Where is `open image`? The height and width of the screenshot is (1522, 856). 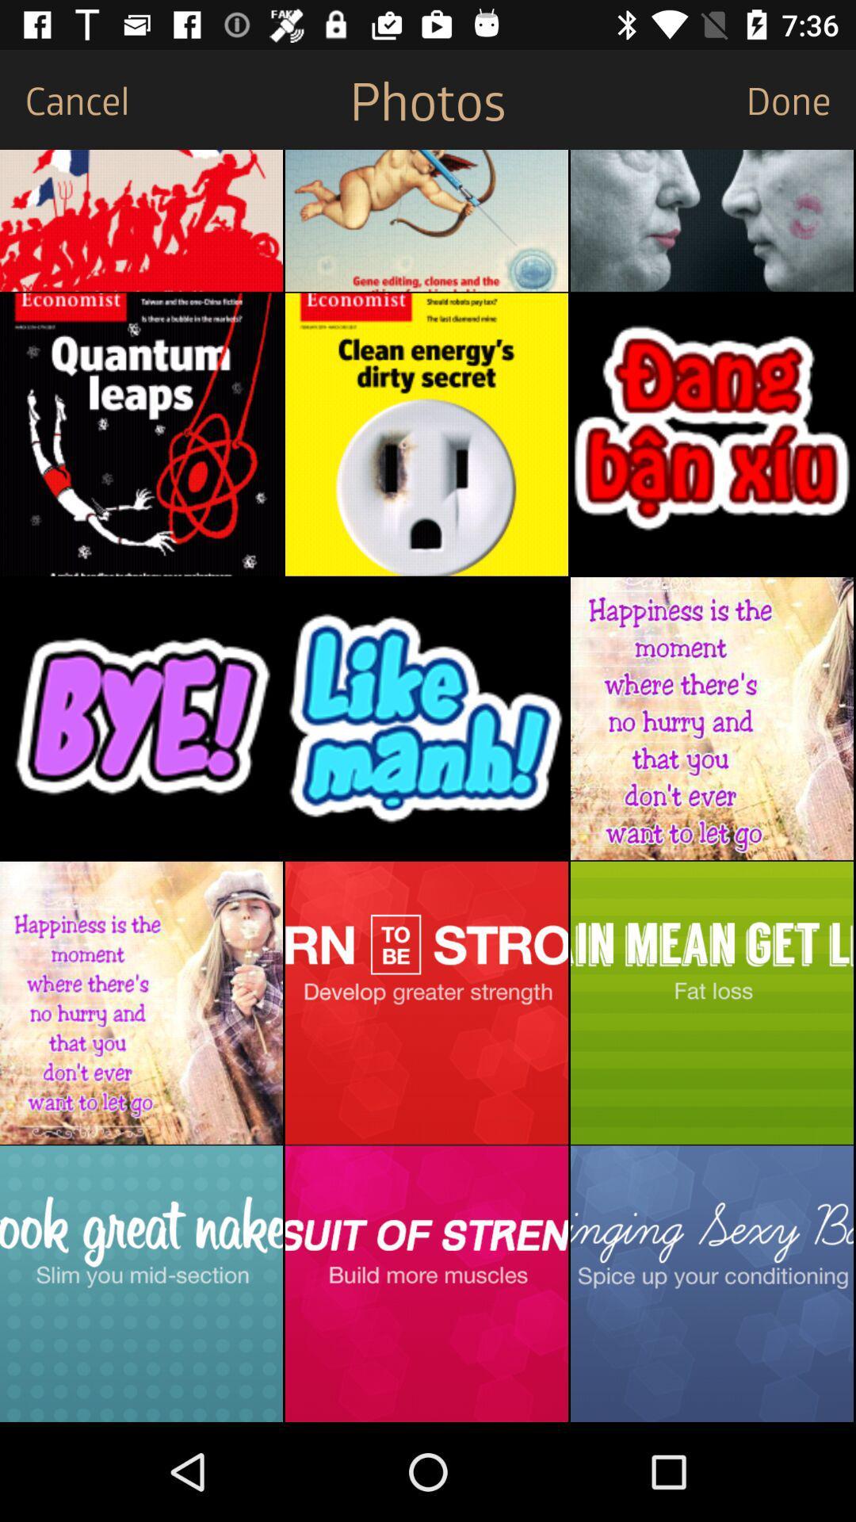 open image is located at coordinates (711, 717).